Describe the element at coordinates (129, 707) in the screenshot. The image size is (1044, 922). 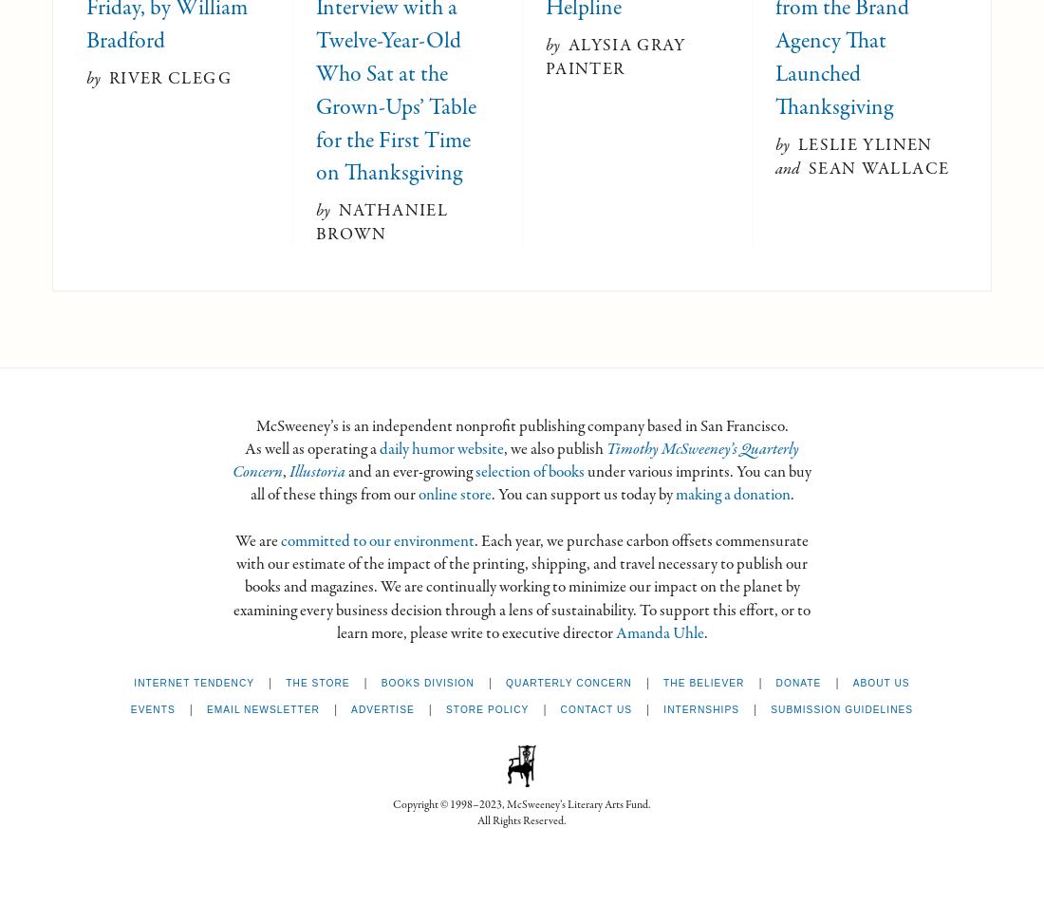
I see `'Events'` at that location.